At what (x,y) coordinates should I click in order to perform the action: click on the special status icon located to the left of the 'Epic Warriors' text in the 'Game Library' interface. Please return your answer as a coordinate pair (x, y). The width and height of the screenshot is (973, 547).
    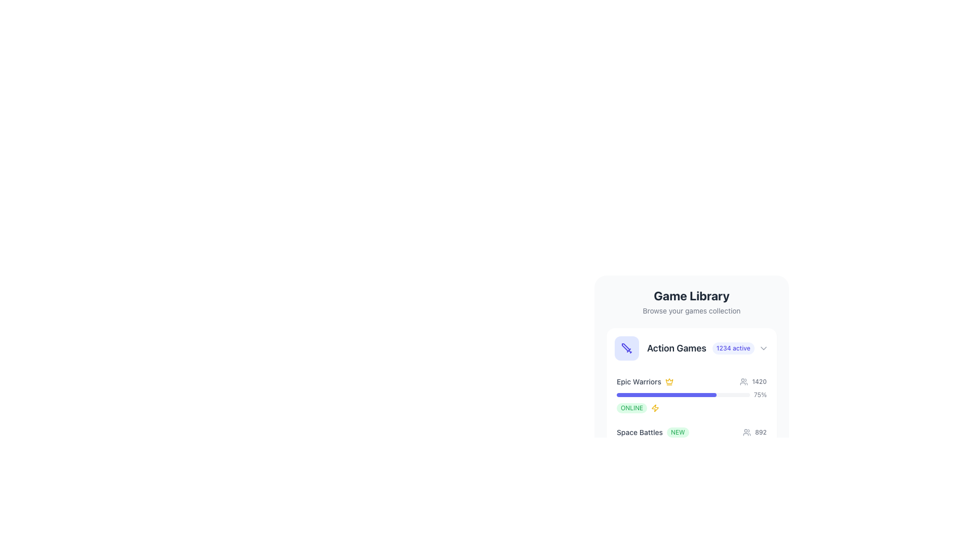
    Looking at the image, I should click on (669, 381).